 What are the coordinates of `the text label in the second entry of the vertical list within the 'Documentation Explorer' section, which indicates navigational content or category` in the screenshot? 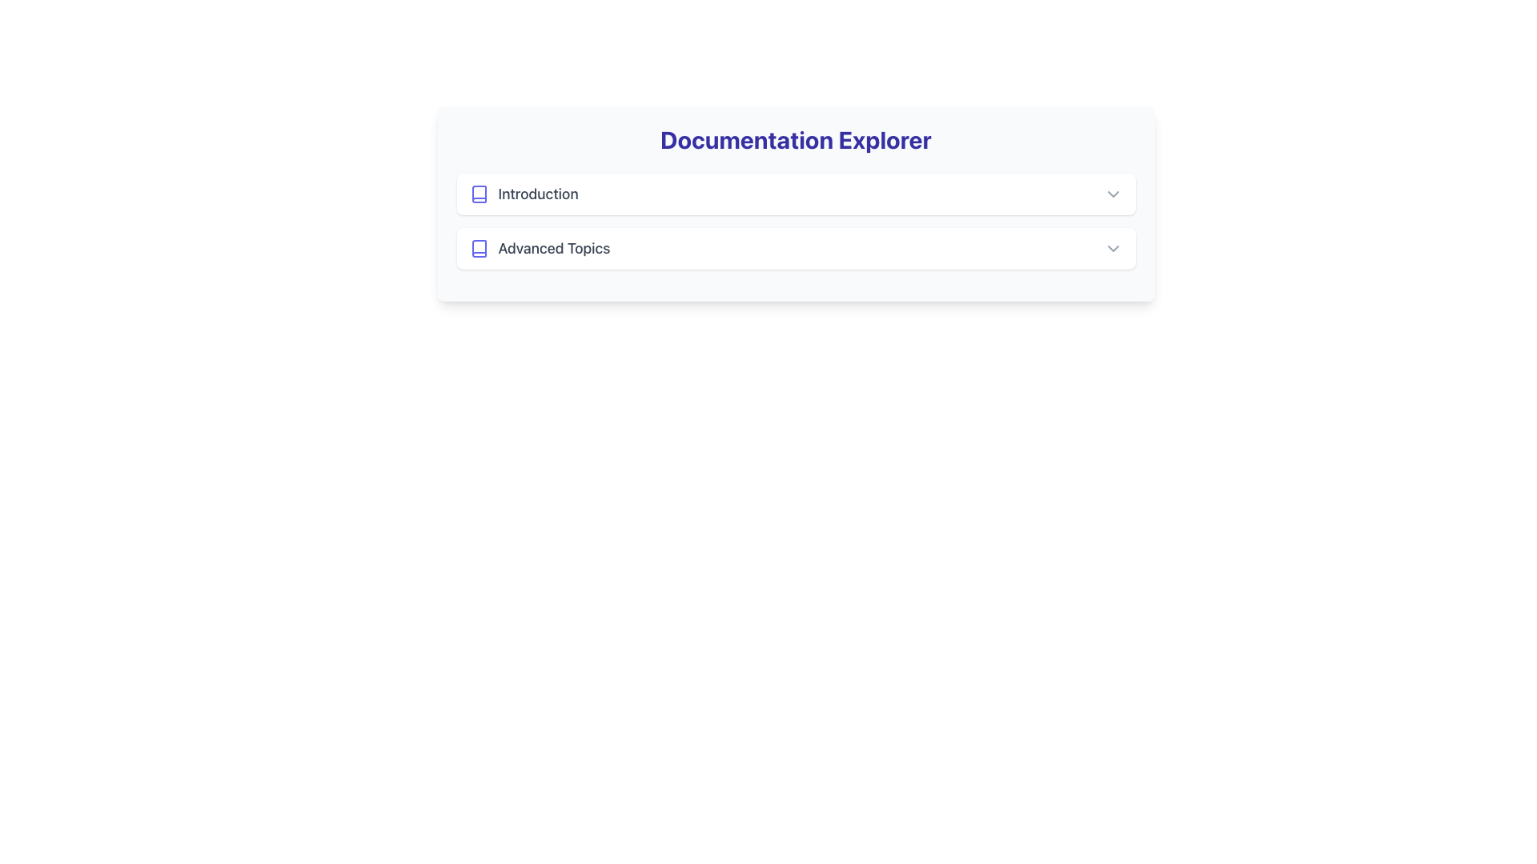 It's located at (540, 249).